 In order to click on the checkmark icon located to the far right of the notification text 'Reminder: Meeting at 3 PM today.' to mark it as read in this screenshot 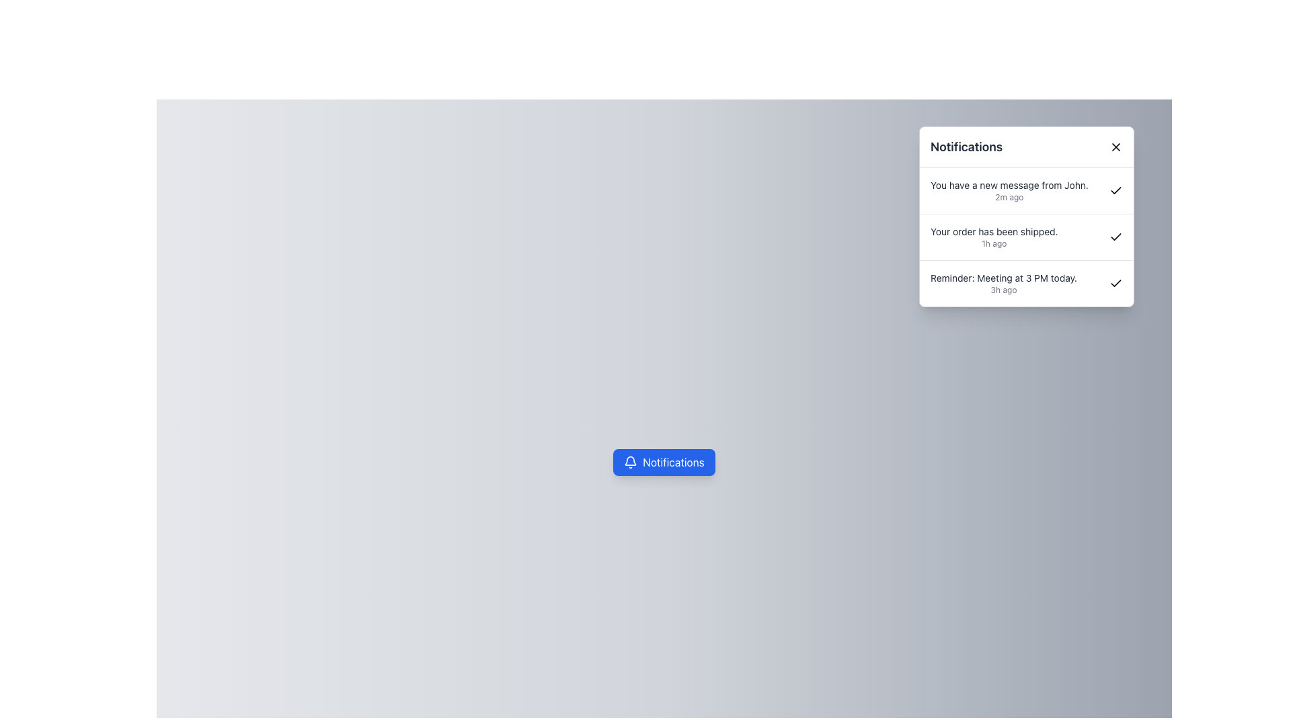, I will do `click(1025, 282)`.